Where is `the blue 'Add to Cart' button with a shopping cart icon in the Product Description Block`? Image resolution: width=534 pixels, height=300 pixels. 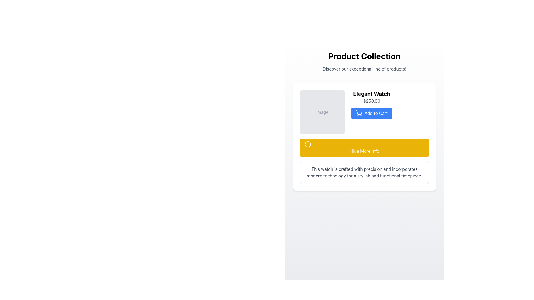 the blue 'Add to Cart' button with a shopping cart icon in the Product Description Block is located at coordinates (364, 112).